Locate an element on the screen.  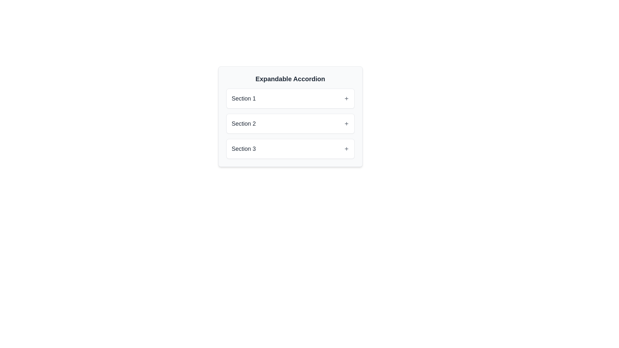
the toggle button located at the far-right of the first row labeled 'Section 1' is located at coordinates (346, 98).